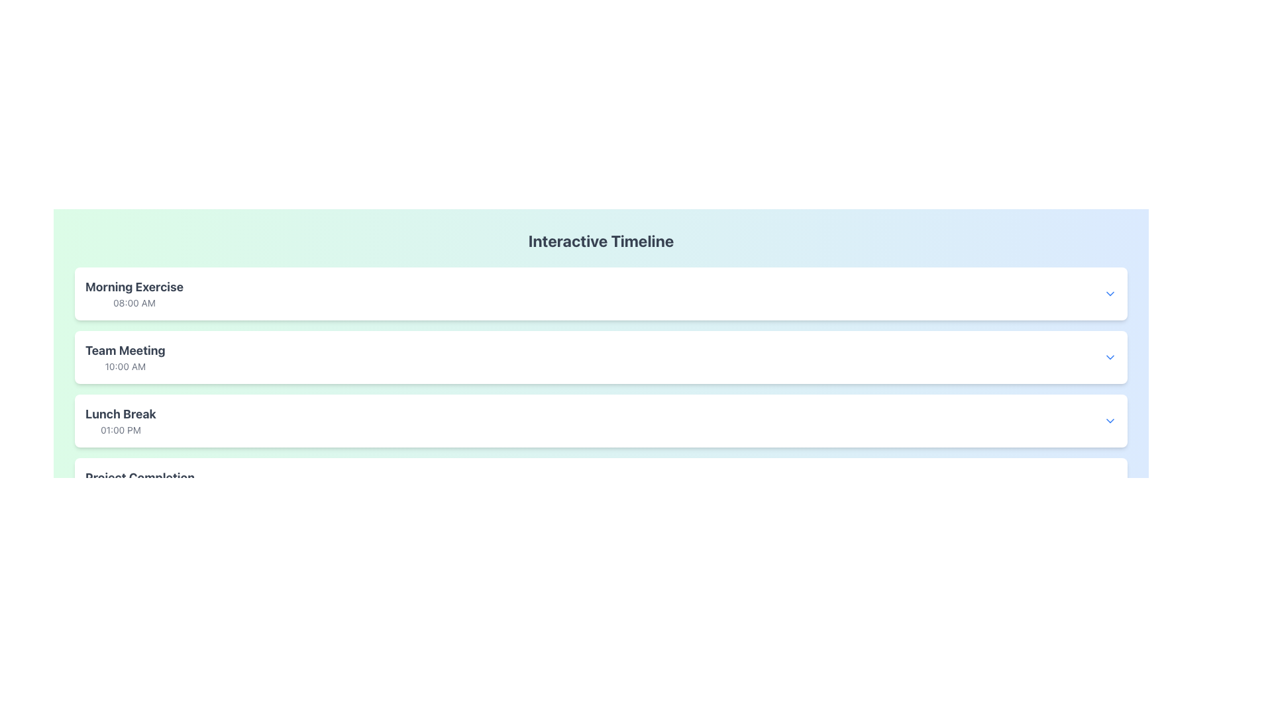 This screenshot has width=1272, height=715. What do you see at coordinates (121, 421) in the screenshot?
I see `the informational text block displaying 'Lunch Break' scheduled at '01:00 PM'` at bounding box center [121, 421].